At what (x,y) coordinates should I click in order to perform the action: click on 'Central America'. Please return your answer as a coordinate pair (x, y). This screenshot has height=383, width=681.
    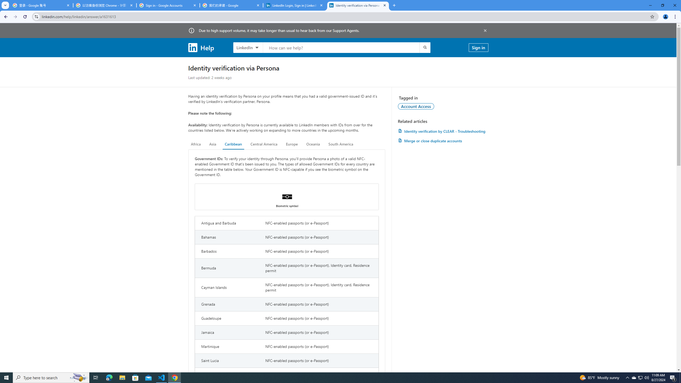
    Looking at the image, I should click on (264, 144).